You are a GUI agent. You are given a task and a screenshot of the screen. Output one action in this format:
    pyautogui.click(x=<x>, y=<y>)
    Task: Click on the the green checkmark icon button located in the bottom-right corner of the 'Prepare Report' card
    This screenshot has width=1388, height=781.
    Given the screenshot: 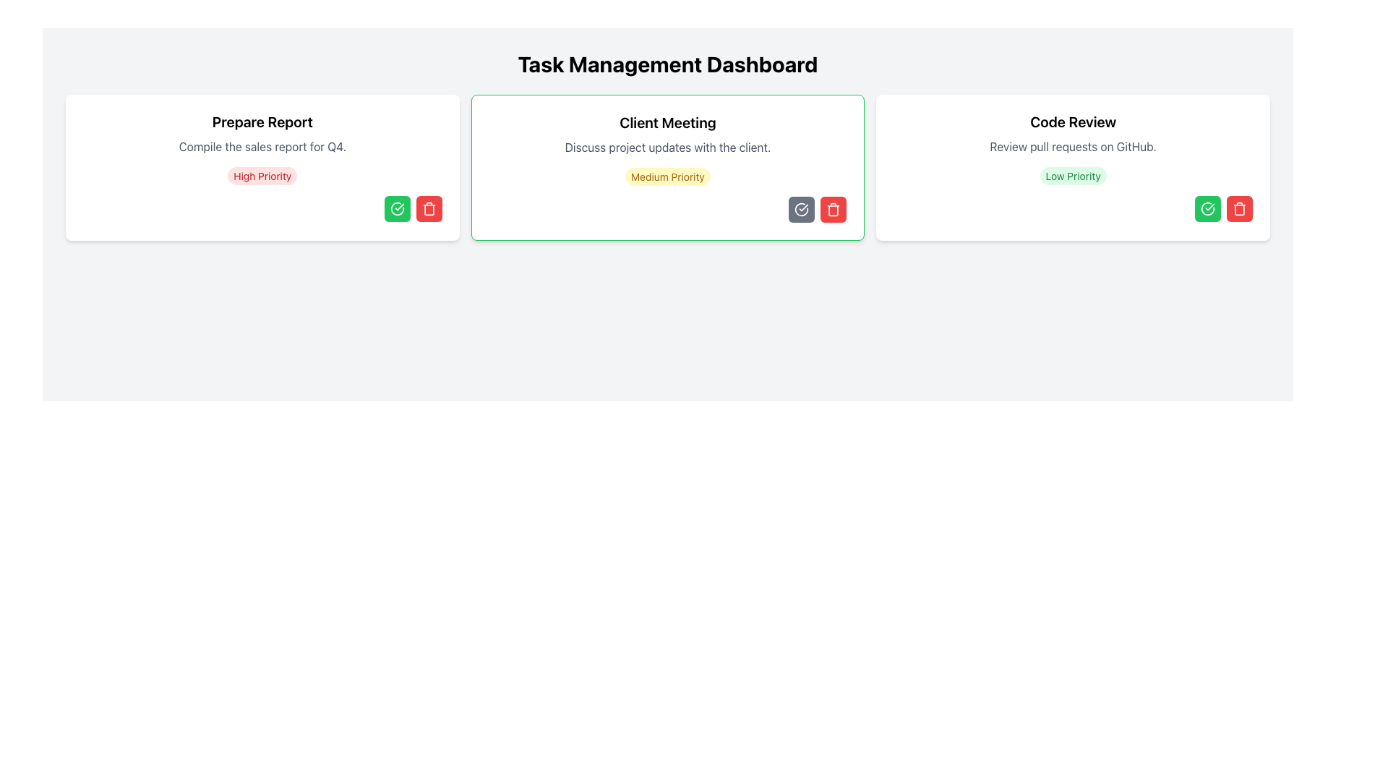 What is the action you would take?
    pyautogui.click(x=397, y=209)
    